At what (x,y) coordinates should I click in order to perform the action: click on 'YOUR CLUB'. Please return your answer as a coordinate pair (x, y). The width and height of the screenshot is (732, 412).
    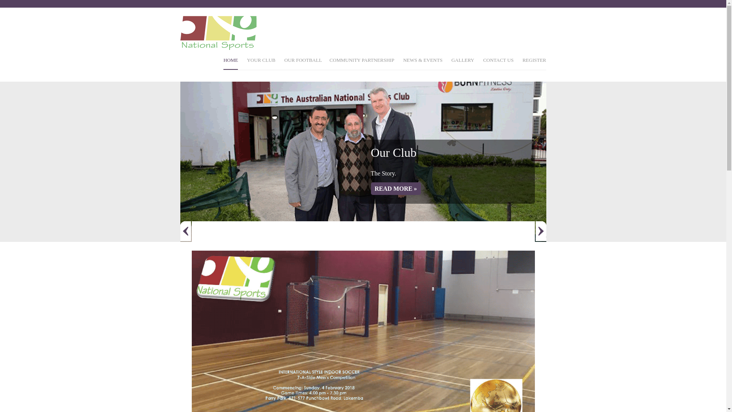
    Looking at the image, I should click on (261, 63).